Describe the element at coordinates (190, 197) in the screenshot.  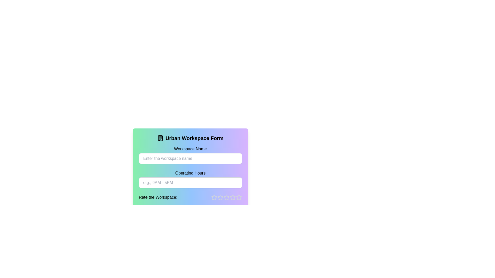
I see `one of the outlined star icons in the Rating widget labeled 'Rate the Workspace:'` at that location.